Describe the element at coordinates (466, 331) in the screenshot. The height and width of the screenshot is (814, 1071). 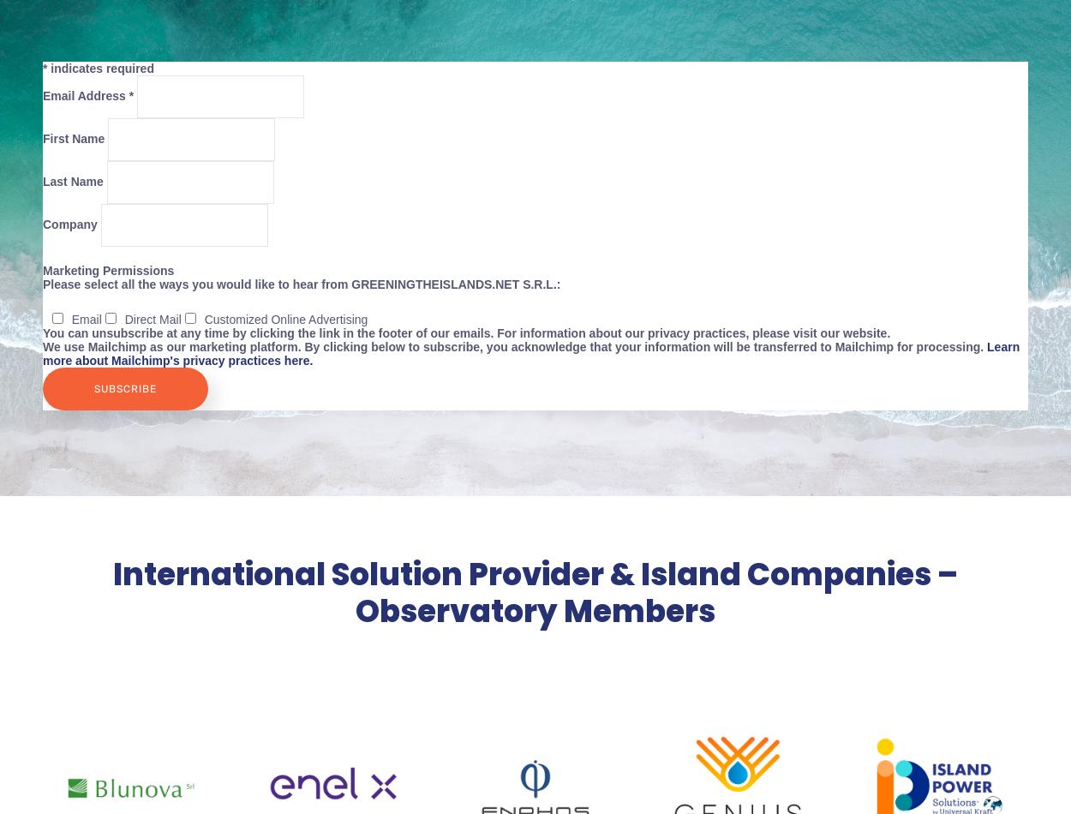
I see `'You can unsubscribe at any time by clicking the link in the footer of our emails. For information about our privacy practices, please visit our website.'` at that location.